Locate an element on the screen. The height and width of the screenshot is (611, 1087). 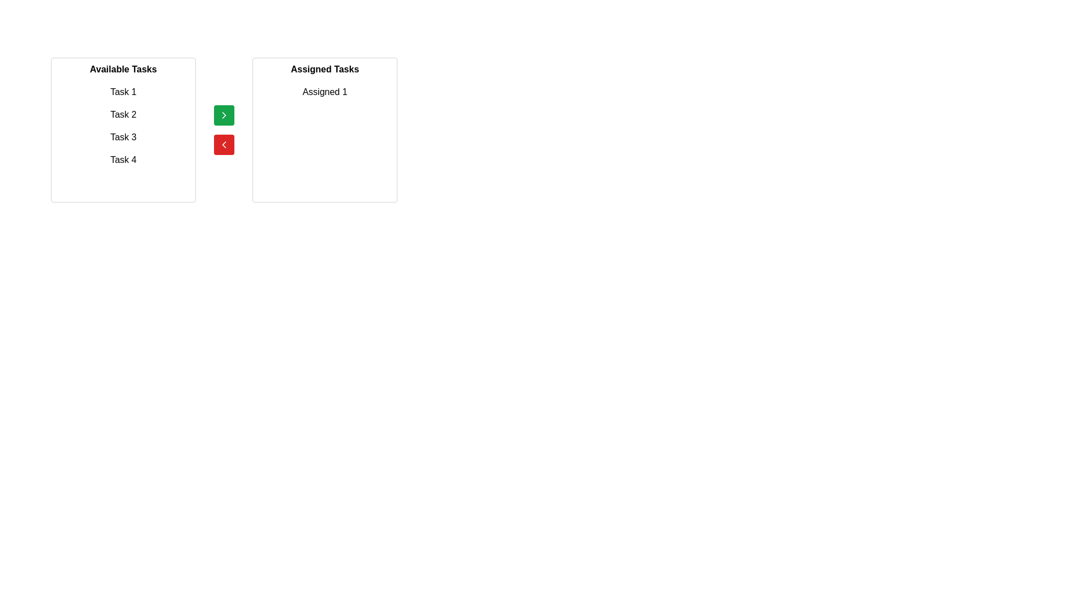
the icon button located within a green rectangular button, positioned vertically between the 'Available Tasks' and 'Assigned Tasks' lists is located at coordinates (224, 115).